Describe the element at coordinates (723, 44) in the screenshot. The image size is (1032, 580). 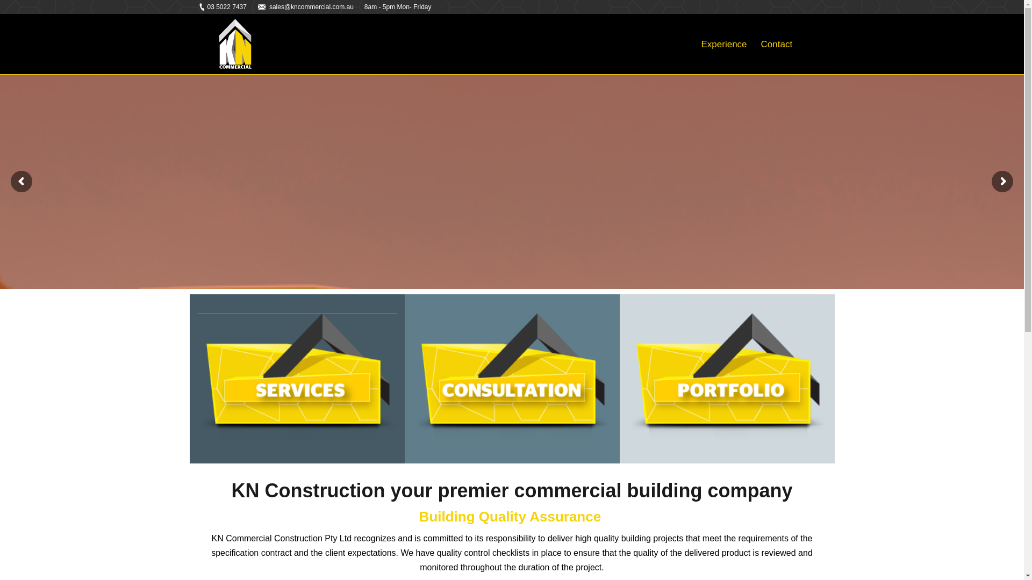
I see `'Experience'` at that location.